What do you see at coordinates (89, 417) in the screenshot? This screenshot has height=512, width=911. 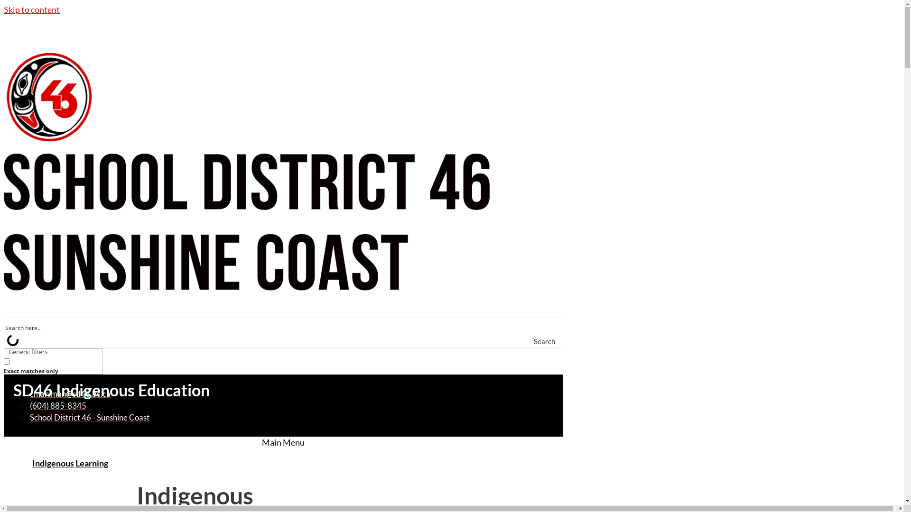 I see `'School District 46 - Sunshine Coast'` at bounding box center [89, 417].